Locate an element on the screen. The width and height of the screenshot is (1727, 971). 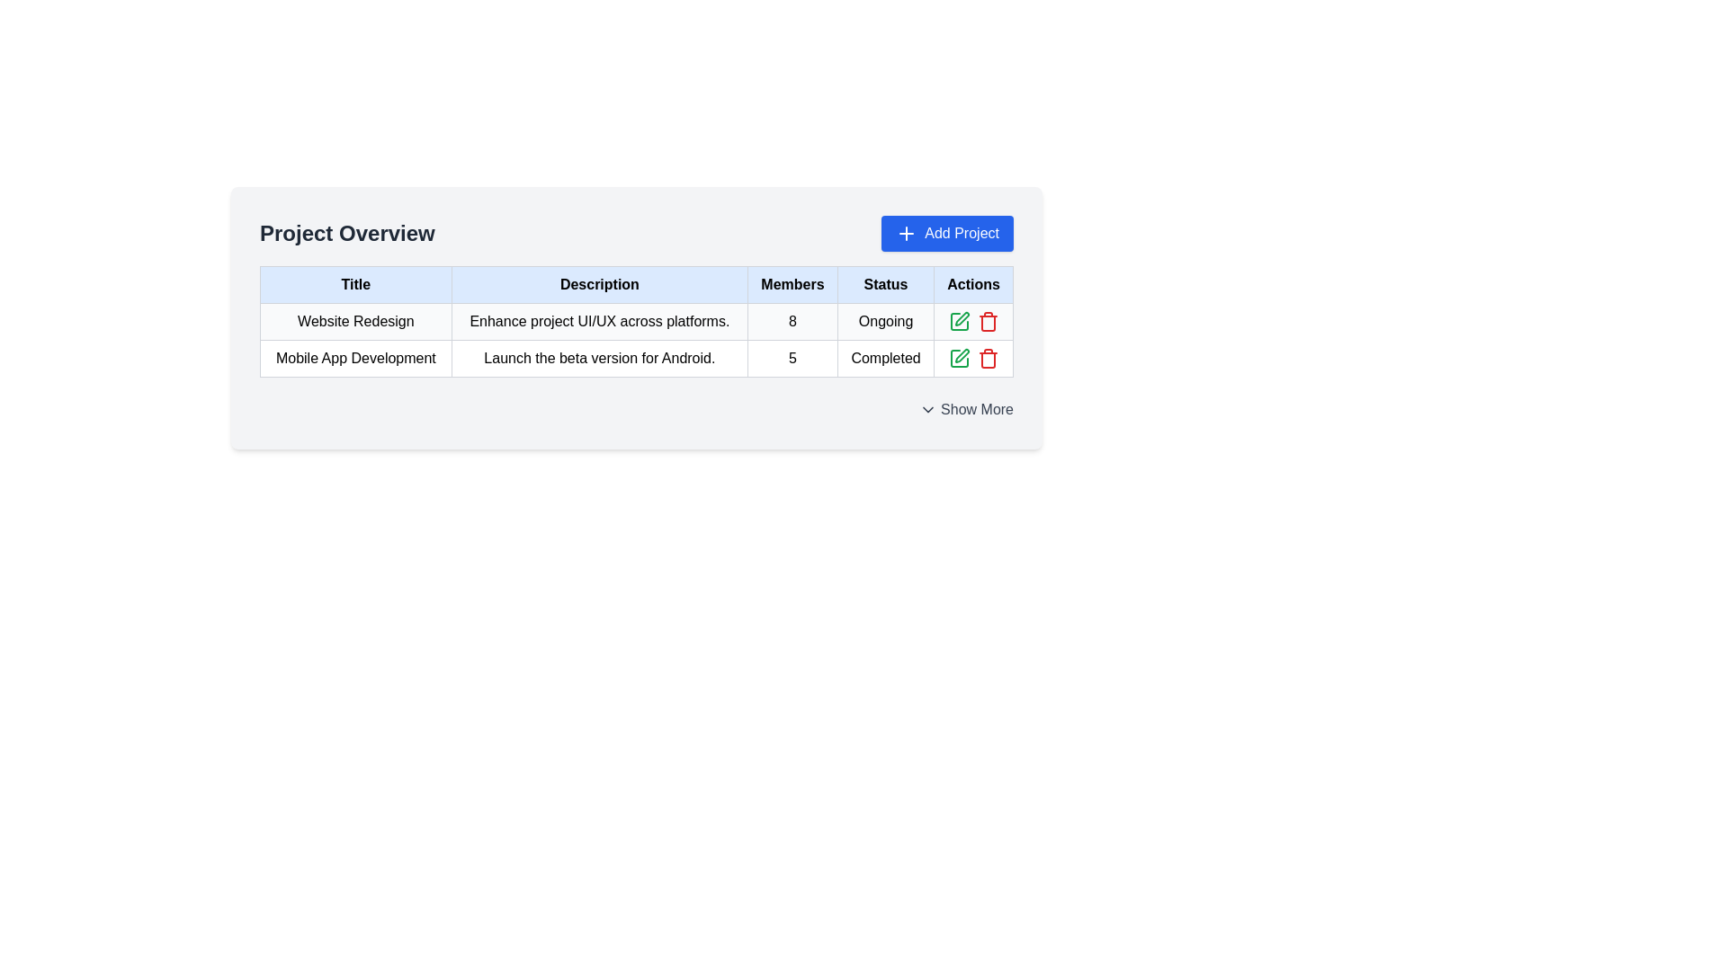
the 'Edit' icon button in the 'Actions' column for the 'Website Redesign' project is located at coordinates (961, 317).